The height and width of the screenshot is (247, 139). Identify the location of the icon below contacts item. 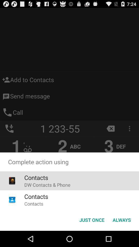
(47, 185).